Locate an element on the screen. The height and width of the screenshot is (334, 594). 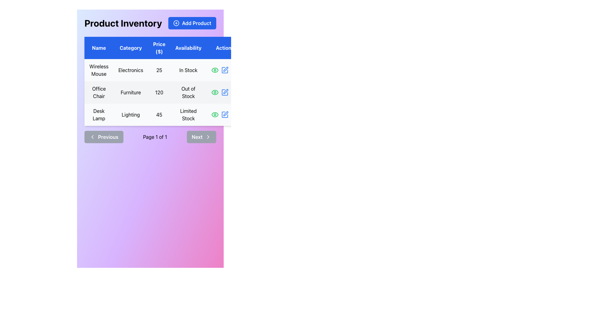
the edit button in the Actions column of the 'Desk Lamp' product row is located at coordinates (225, 114).